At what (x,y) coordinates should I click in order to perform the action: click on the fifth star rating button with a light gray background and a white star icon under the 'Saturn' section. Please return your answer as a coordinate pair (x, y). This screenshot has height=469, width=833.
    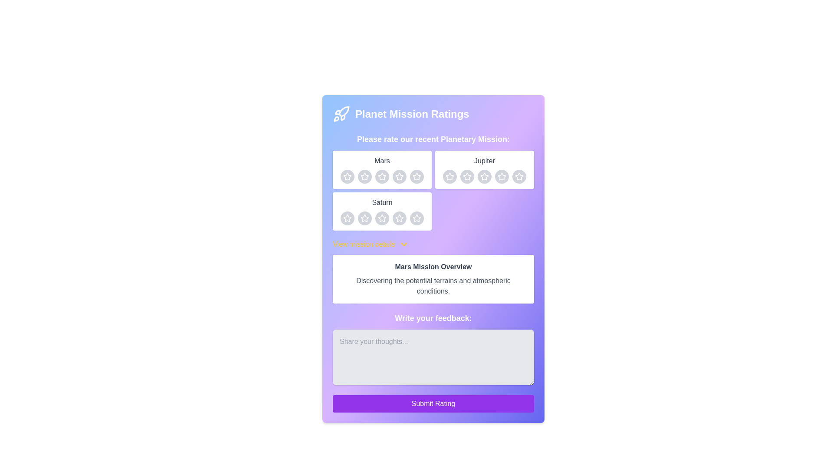
    Looking at the image, I should click on (416, 218).